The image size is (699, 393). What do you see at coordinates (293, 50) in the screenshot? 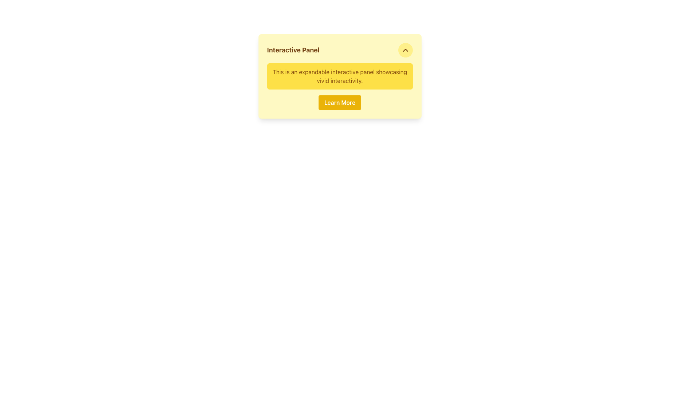
I see `text from the bold header labeled 'Interactive Panel', which is prominently displayed at the top-left corner of the yellow background panel` at bounding box center [293, 50].